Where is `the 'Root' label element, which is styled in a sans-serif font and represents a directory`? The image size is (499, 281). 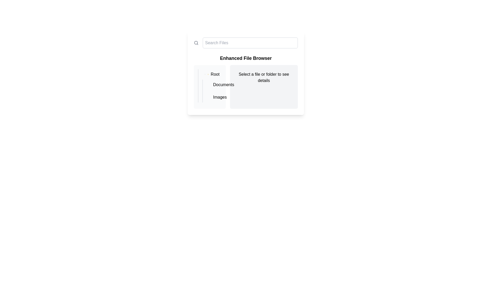 the 'Root' label element, which is styled in a sans-serif font and represents a directory is located at coordinates (215, 74).